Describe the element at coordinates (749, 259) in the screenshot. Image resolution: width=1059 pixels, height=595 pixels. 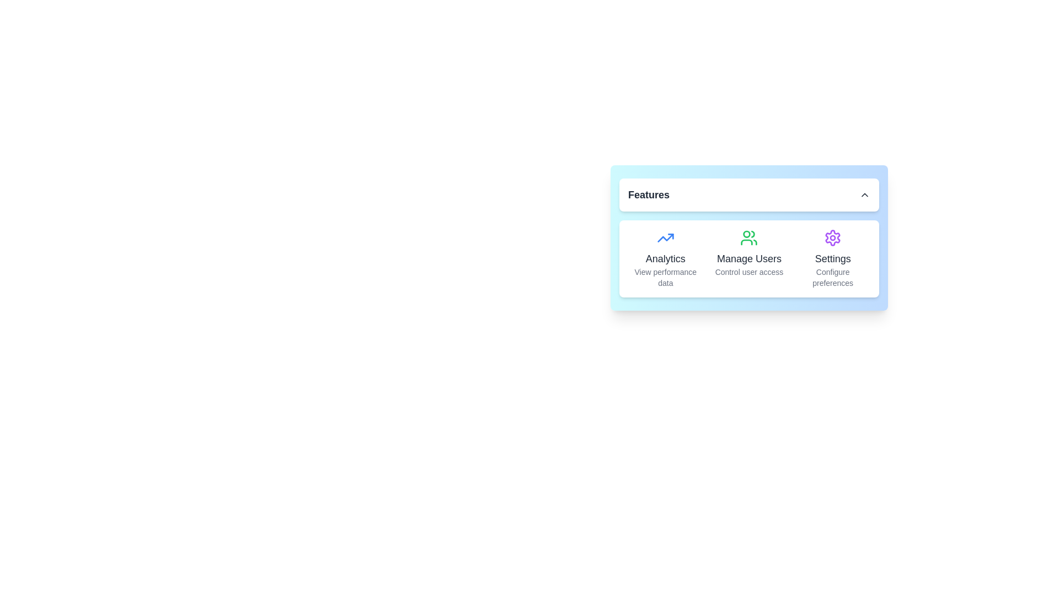
I see `the Navigation button located in the middle column of the features card` at that location.